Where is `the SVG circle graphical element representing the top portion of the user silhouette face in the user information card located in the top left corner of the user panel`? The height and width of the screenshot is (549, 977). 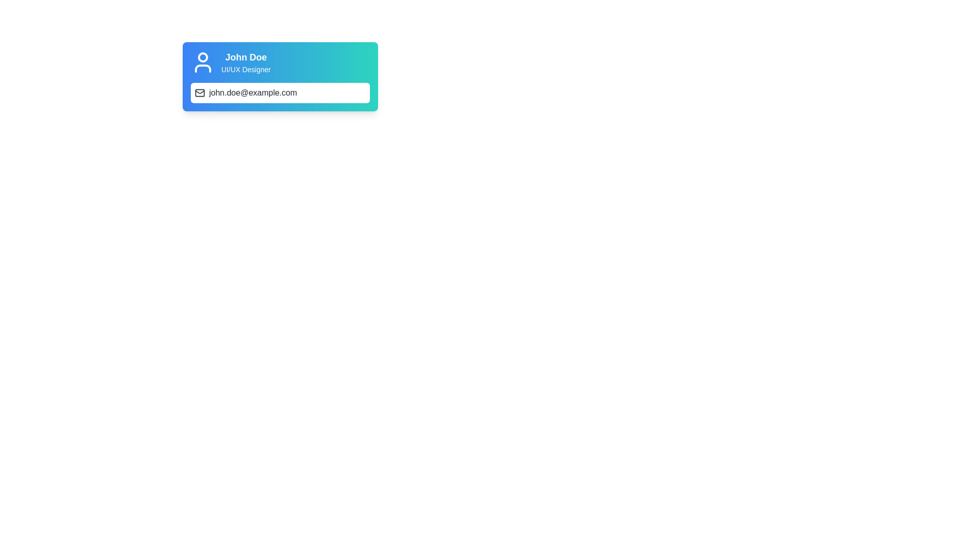 the SVG circle graphical element representing the top portion of the user silhouette face in the user information card located in the top left corner of the user panel is located at coordinates (203, 57).